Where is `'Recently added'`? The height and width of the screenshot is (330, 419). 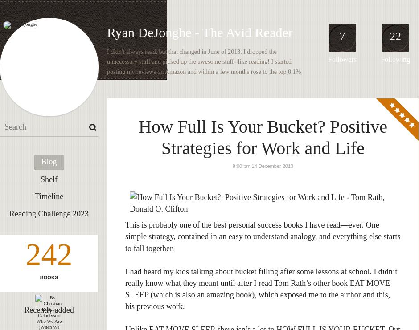
'Recently added' is located at coordinates (49, 309).